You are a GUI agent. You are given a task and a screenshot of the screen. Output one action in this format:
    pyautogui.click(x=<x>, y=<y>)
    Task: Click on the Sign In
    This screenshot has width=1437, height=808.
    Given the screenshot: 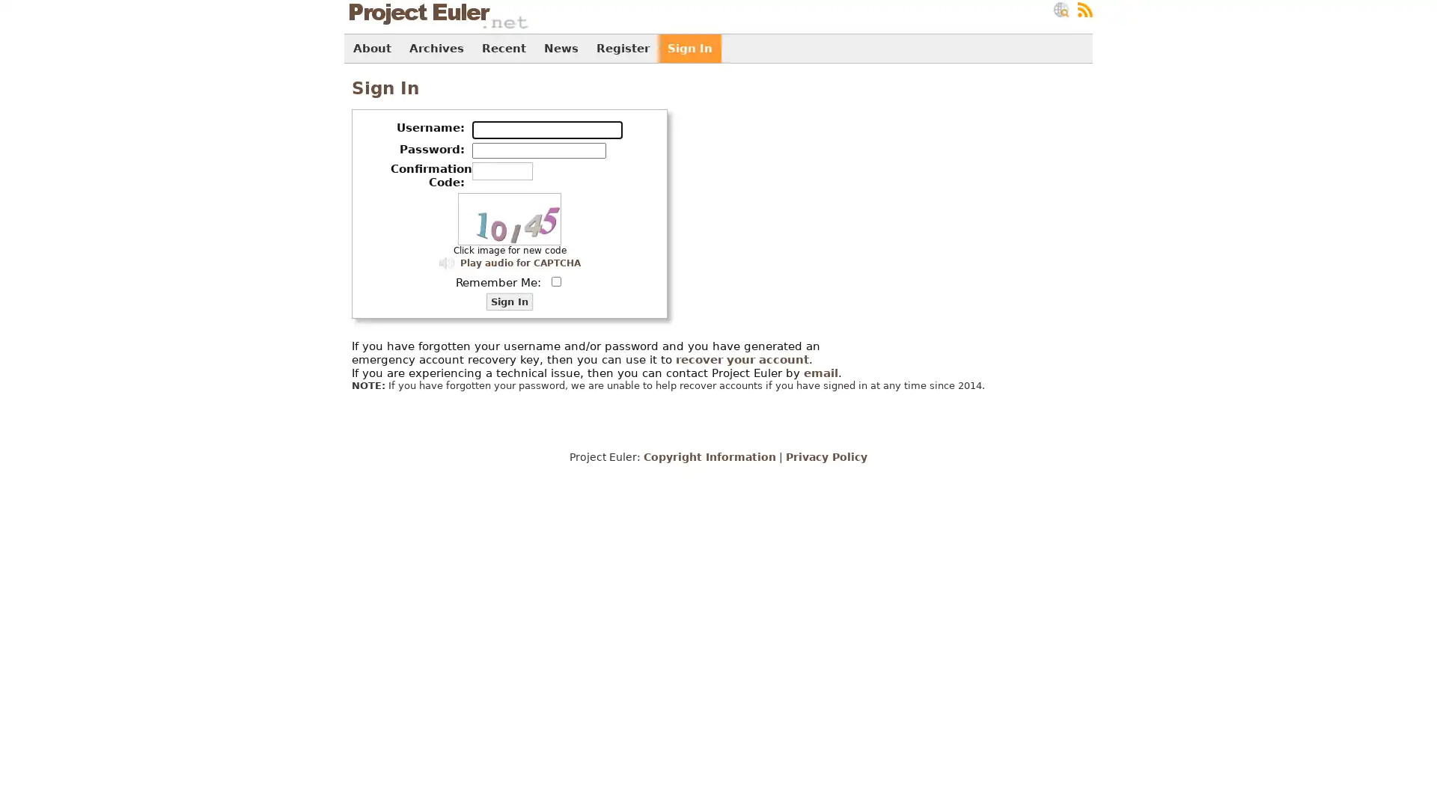 What is the action you would take?
    pyautogui.click(x=510, y=302)
    